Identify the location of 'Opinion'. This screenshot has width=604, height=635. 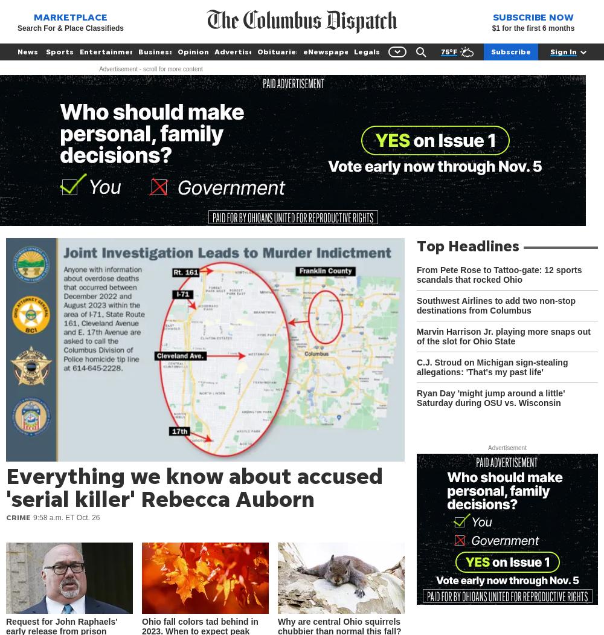
(193, 51).